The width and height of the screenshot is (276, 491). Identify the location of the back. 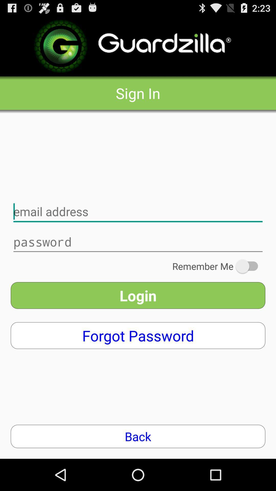
(138, 436).